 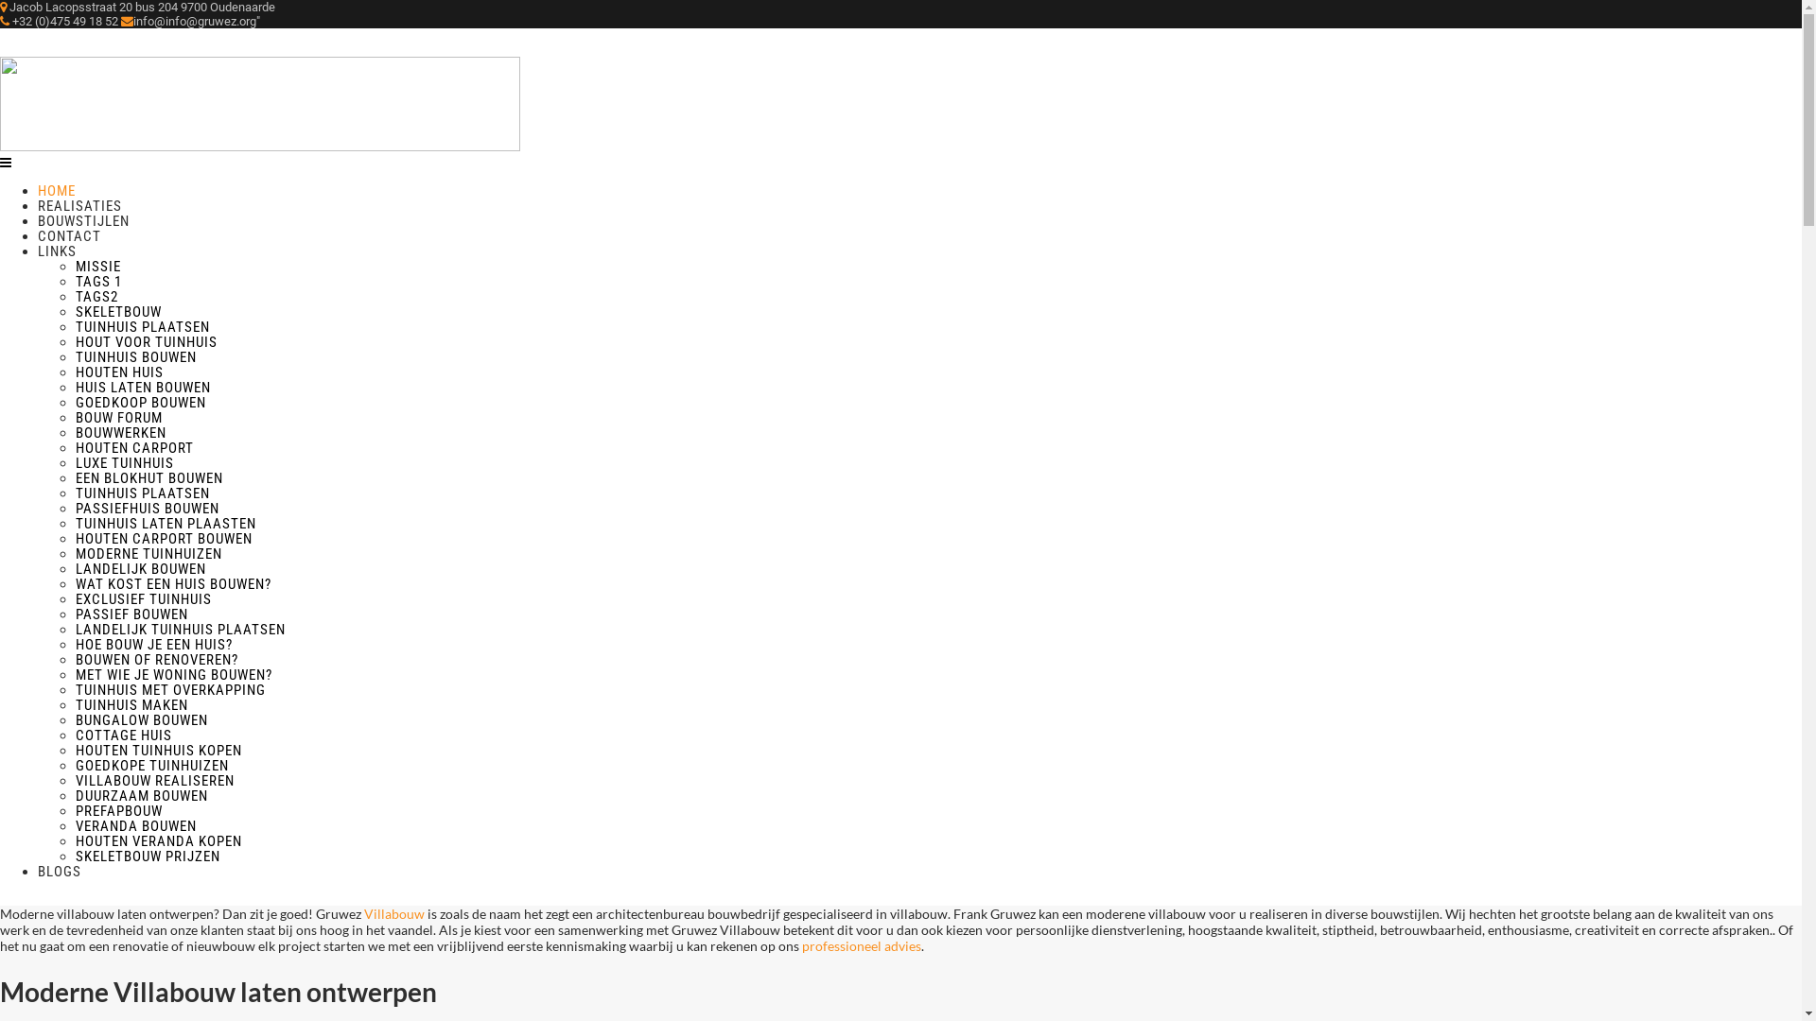 What do you see at coordinates (159, 750) in the screenshot?
I see `'HOUTEN TUINHUIS KOPEN'` at bounding box center [159, 750].